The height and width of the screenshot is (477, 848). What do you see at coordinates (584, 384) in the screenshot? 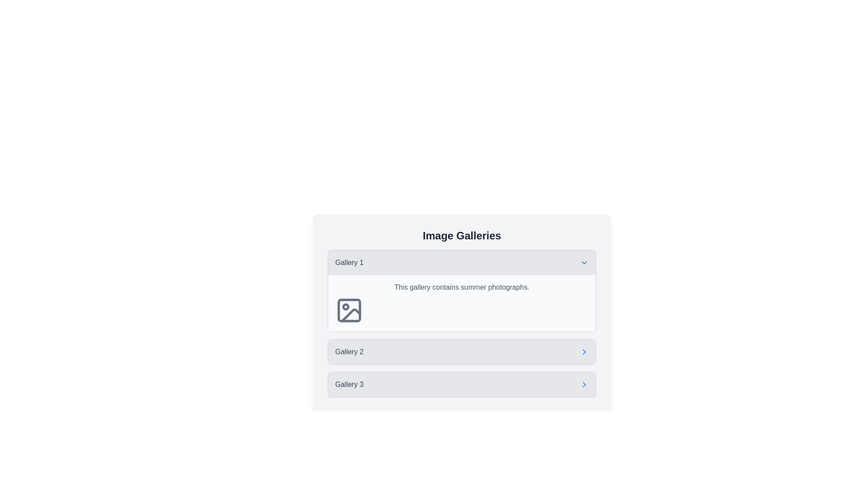
I see `the chevron icon indicating navigability for 'Gallery 3', which is located to the right of the text label 'Gallery 3' in a vertical list of options` at bounding box center [584, 384].